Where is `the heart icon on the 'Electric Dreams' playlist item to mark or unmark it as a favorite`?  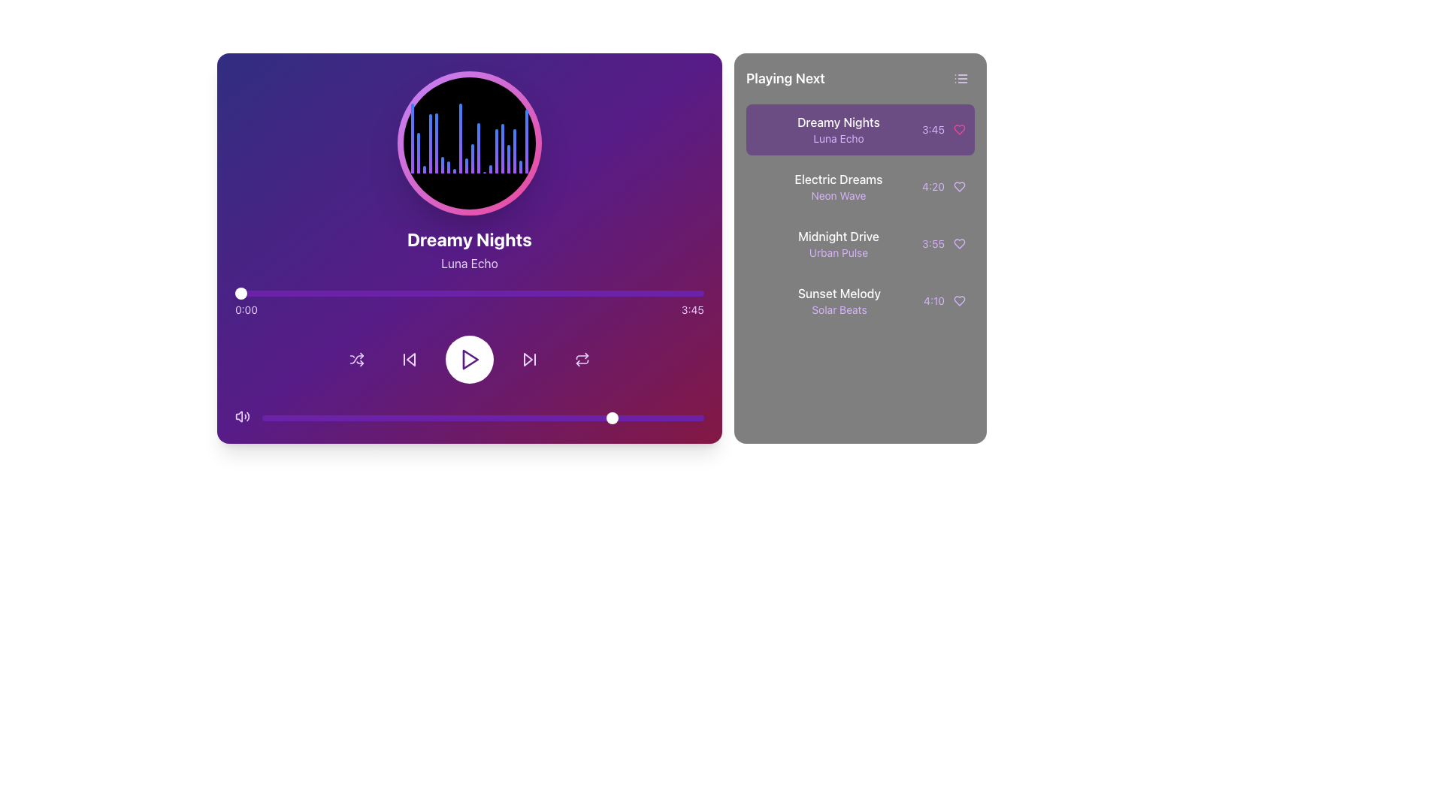
the heart icon on the 'Electric Dreams' playlist item to mark or unmark it as a favorite is located at coordinates (860, 186).